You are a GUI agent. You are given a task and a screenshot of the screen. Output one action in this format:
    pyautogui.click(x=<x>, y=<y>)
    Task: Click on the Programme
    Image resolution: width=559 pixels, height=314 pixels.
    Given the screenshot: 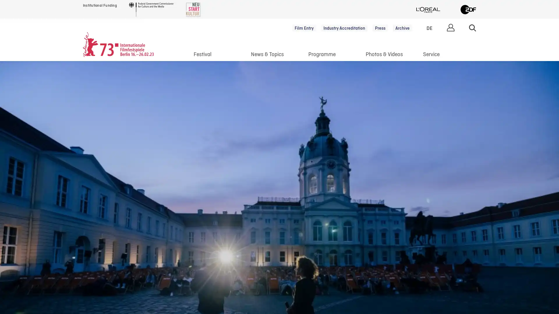 What is the action you would take?
    pyautogui.click(x=321, y=56)
    